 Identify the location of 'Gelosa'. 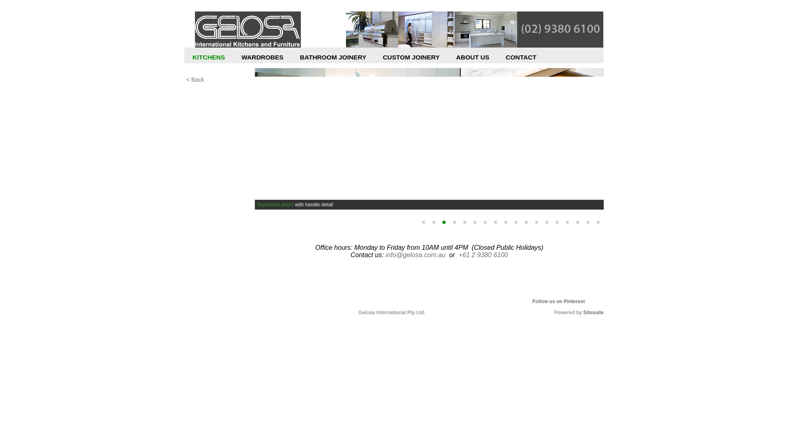
(247, 30).